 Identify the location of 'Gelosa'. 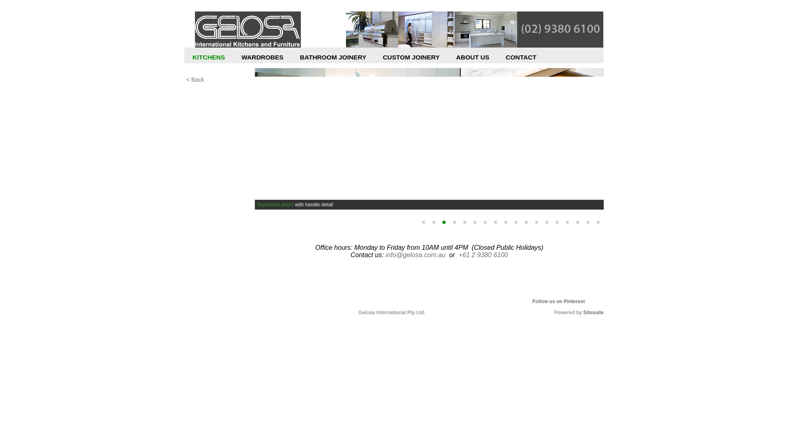
(247, 30).